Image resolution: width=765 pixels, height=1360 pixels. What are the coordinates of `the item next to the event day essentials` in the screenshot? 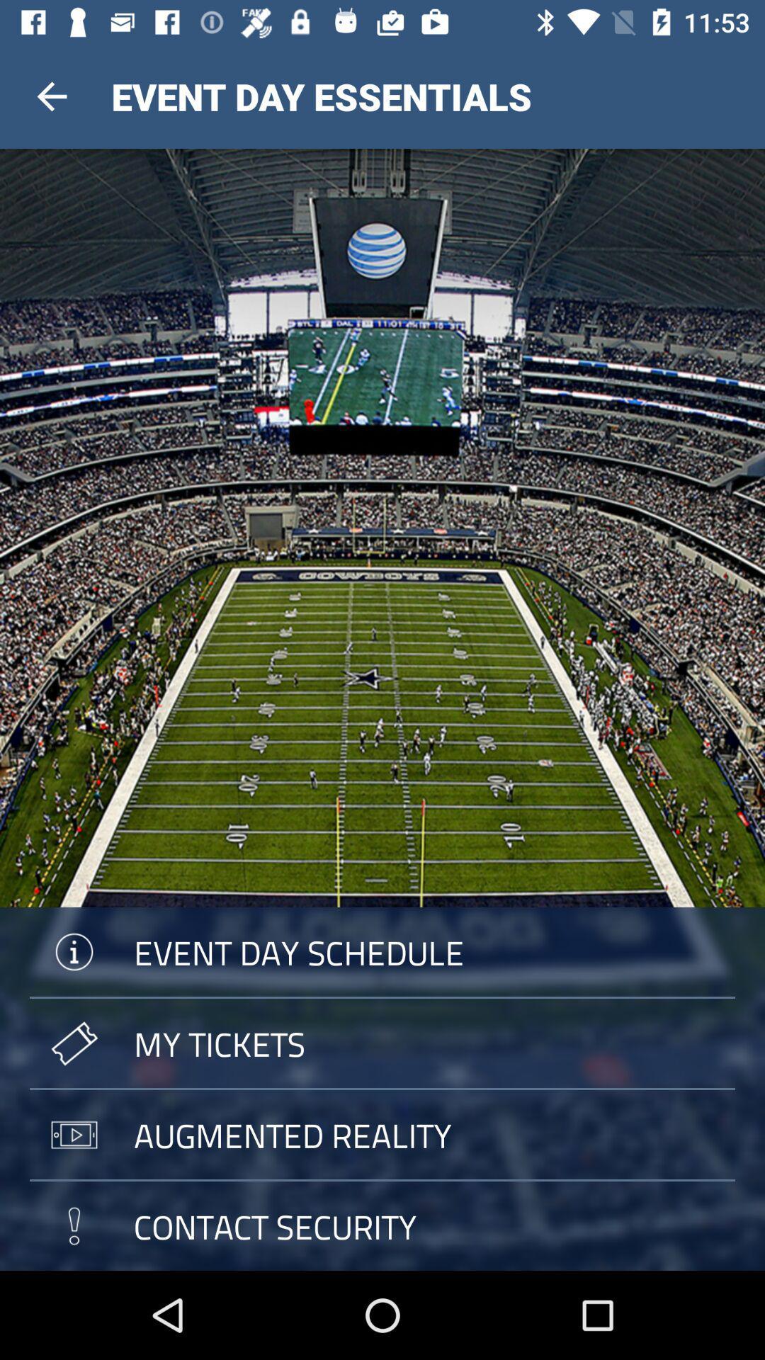 It's located at (51, 96).